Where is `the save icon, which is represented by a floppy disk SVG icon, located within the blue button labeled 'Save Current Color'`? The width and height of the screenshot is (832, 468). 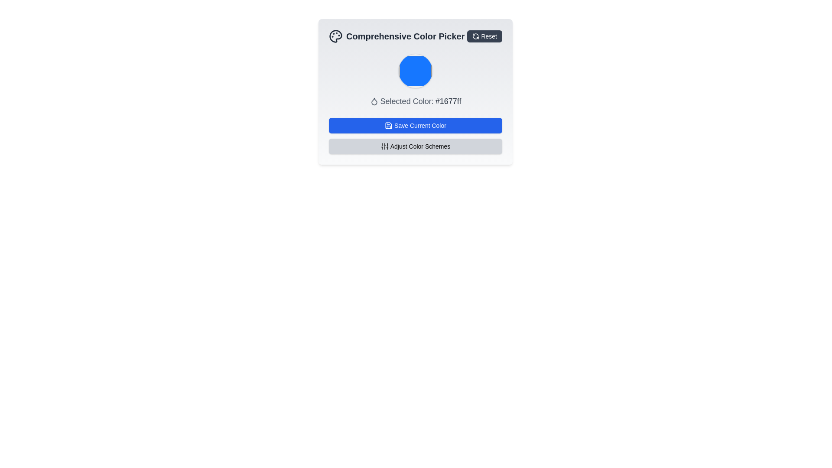
the save icon, which is represented by a floppy disk SVG icon, located within the blue button labeled 'Save Current Color' is located at coordinates (388, 125).